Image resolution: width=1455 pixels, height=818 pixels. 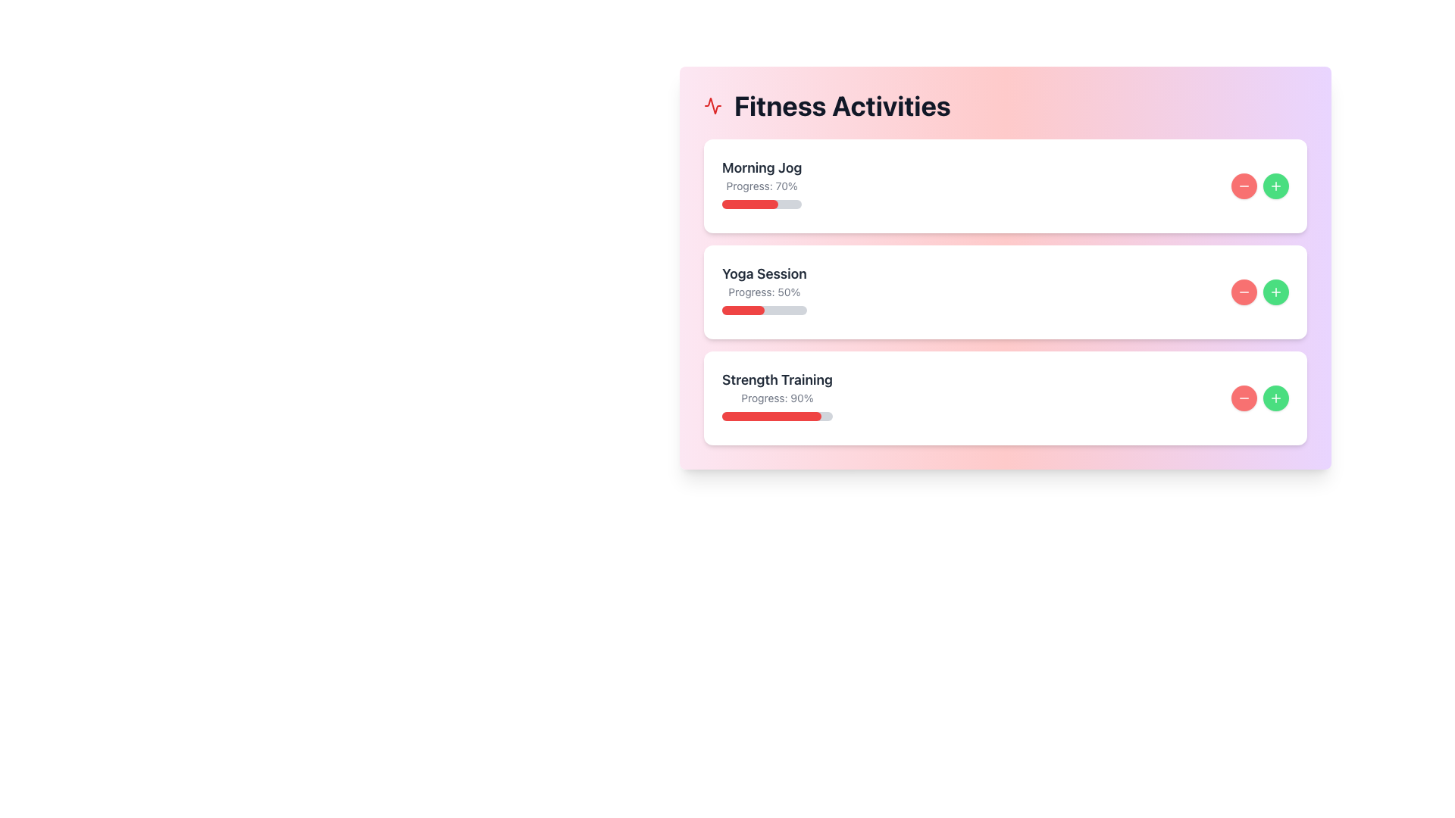 What do you see at coordinates (777, 379) in the screenshot?
I see `the 'Strength Training' label element, which displays the text in bold black font, positioned at the top of the card in the 'Fitness Activities' section` at bounding box center [777, 379].